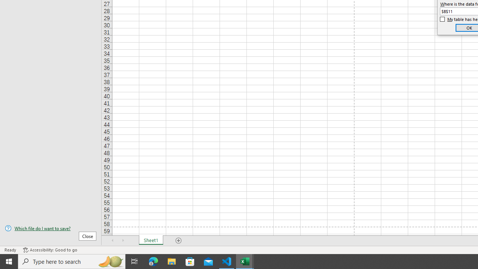  What do you see at coordinates (112, 241) in the screenshot?
I see `'Scroll Left'` at bounding box center [112, 241].